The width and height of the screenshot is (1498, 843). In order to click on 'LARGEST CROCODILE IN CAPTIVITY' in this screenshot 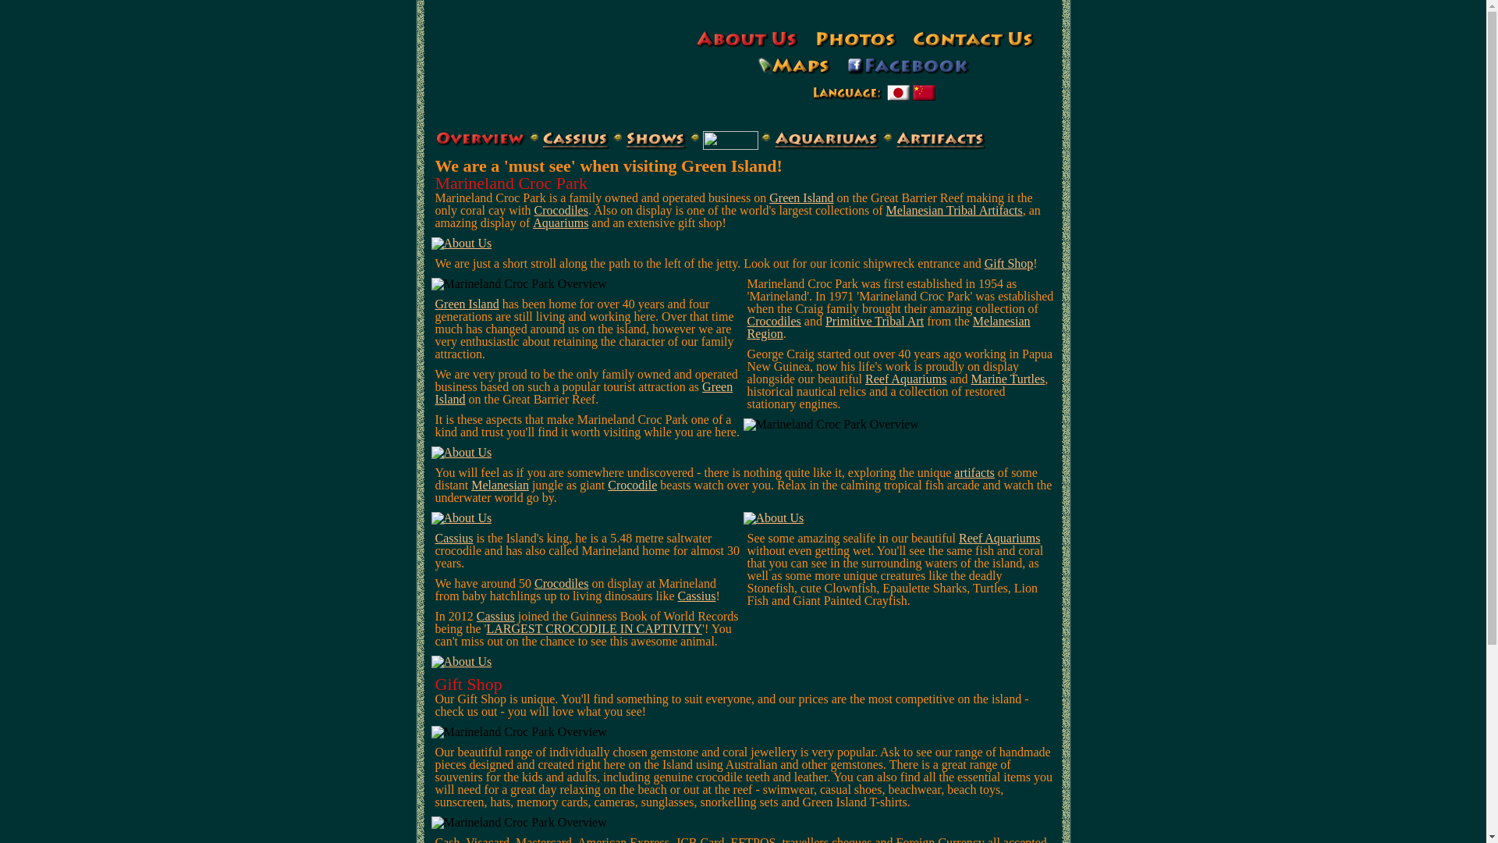, I will do `click(593, 628)`.